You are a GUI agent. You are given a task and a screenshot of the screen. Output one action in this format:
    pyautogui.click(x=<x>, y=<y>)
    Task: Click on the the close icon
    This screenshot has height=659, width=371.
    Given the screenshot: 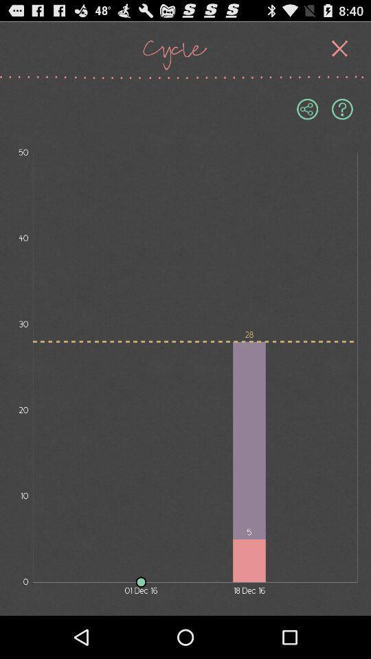 What is the action you would take?
    pyautogui.click(x=339, y=51)
    